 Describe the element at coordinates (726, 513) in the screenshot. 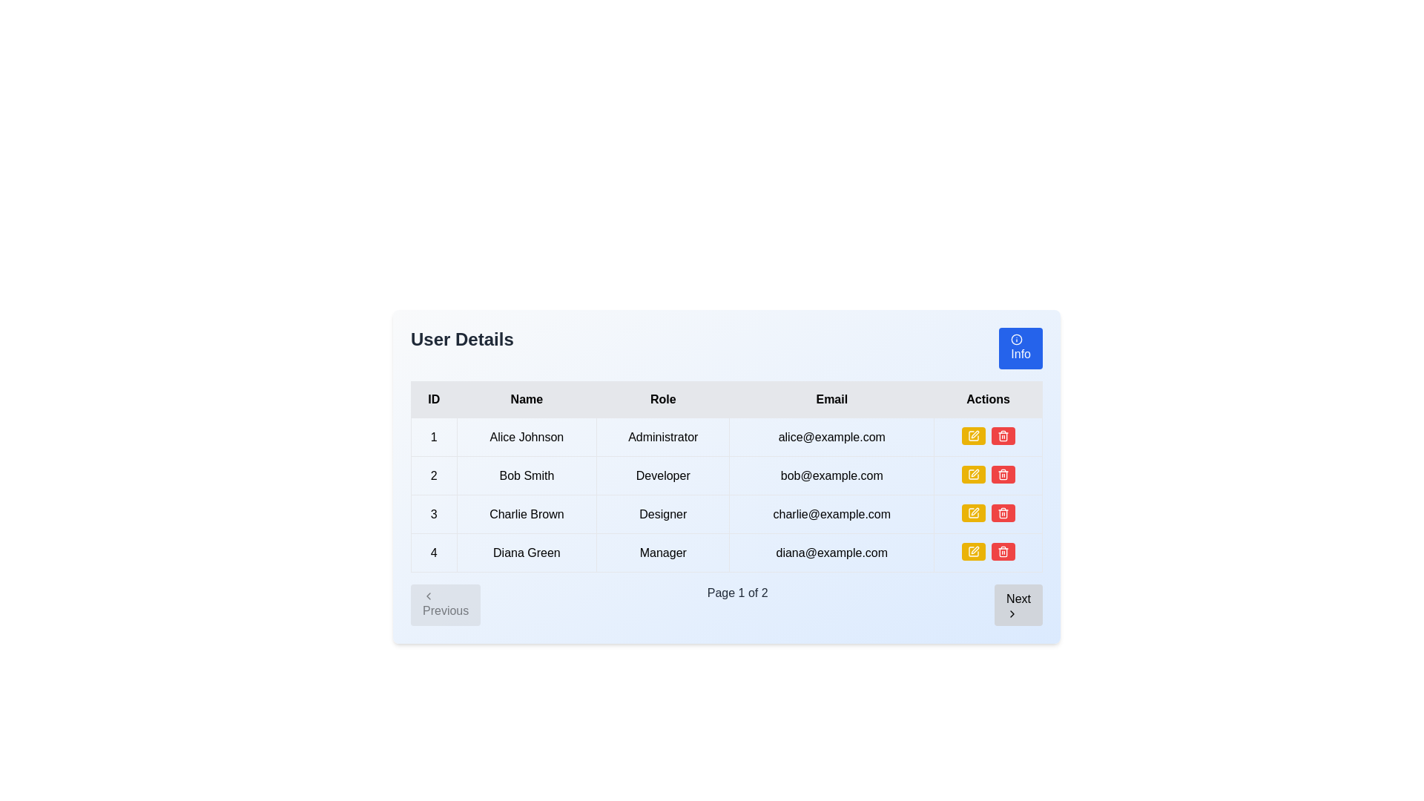

I see `the third row of the user information table that displays data for 'Charlie Brown'` at that location.